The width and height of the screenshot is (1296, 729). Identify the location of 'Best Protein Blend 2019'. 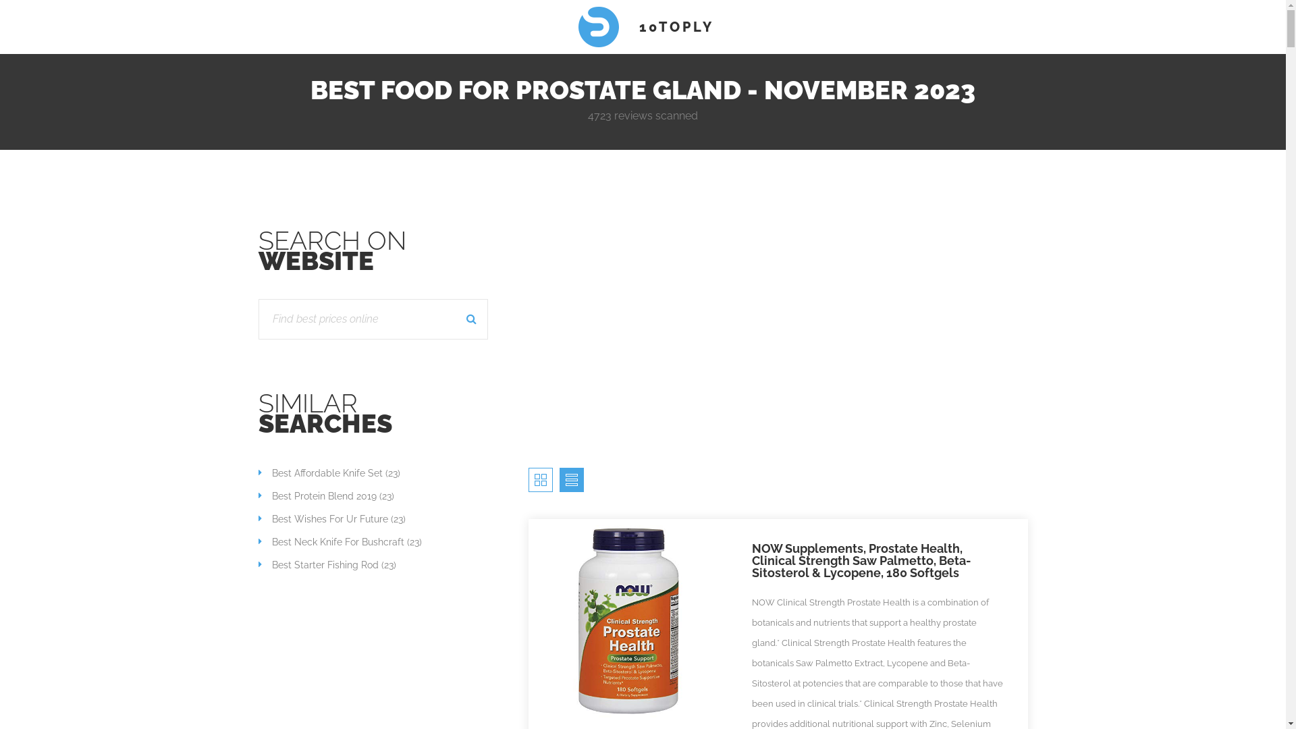
(258, 496).